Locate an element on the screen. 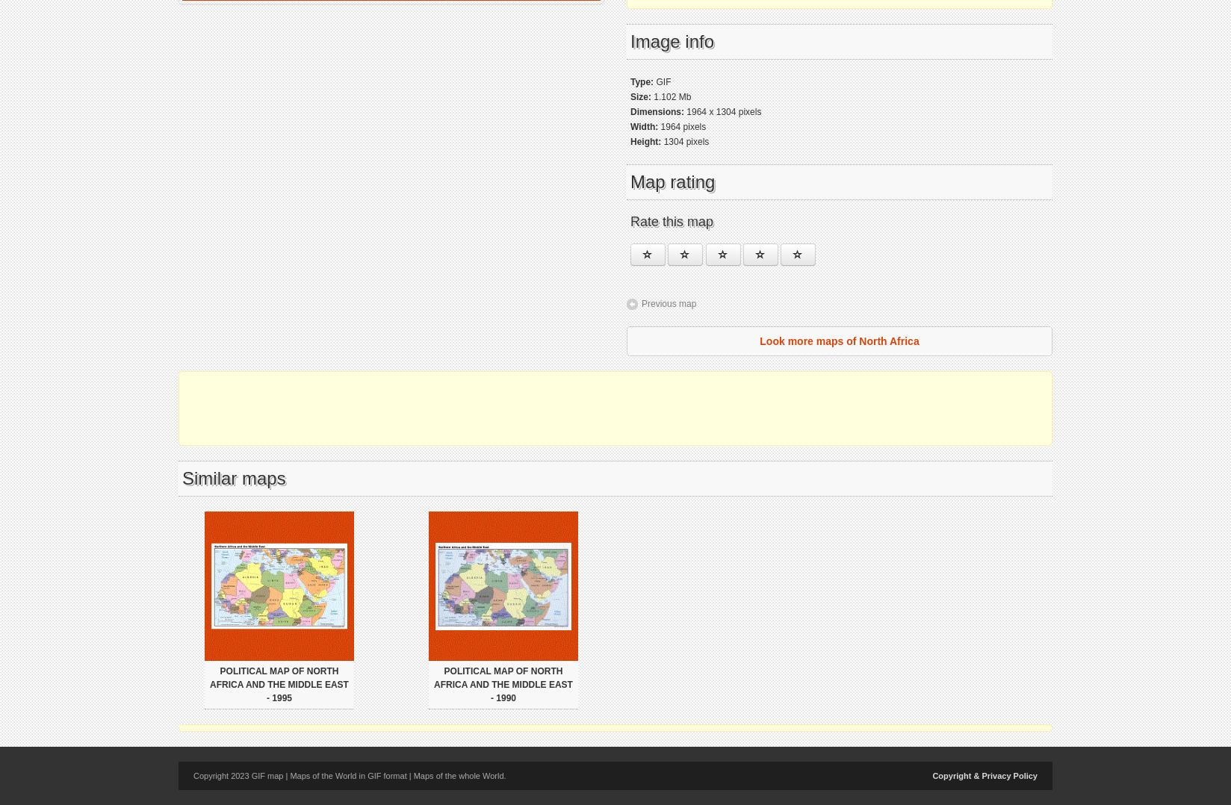  '1304 pixels' is located at coordinates (684, 141).